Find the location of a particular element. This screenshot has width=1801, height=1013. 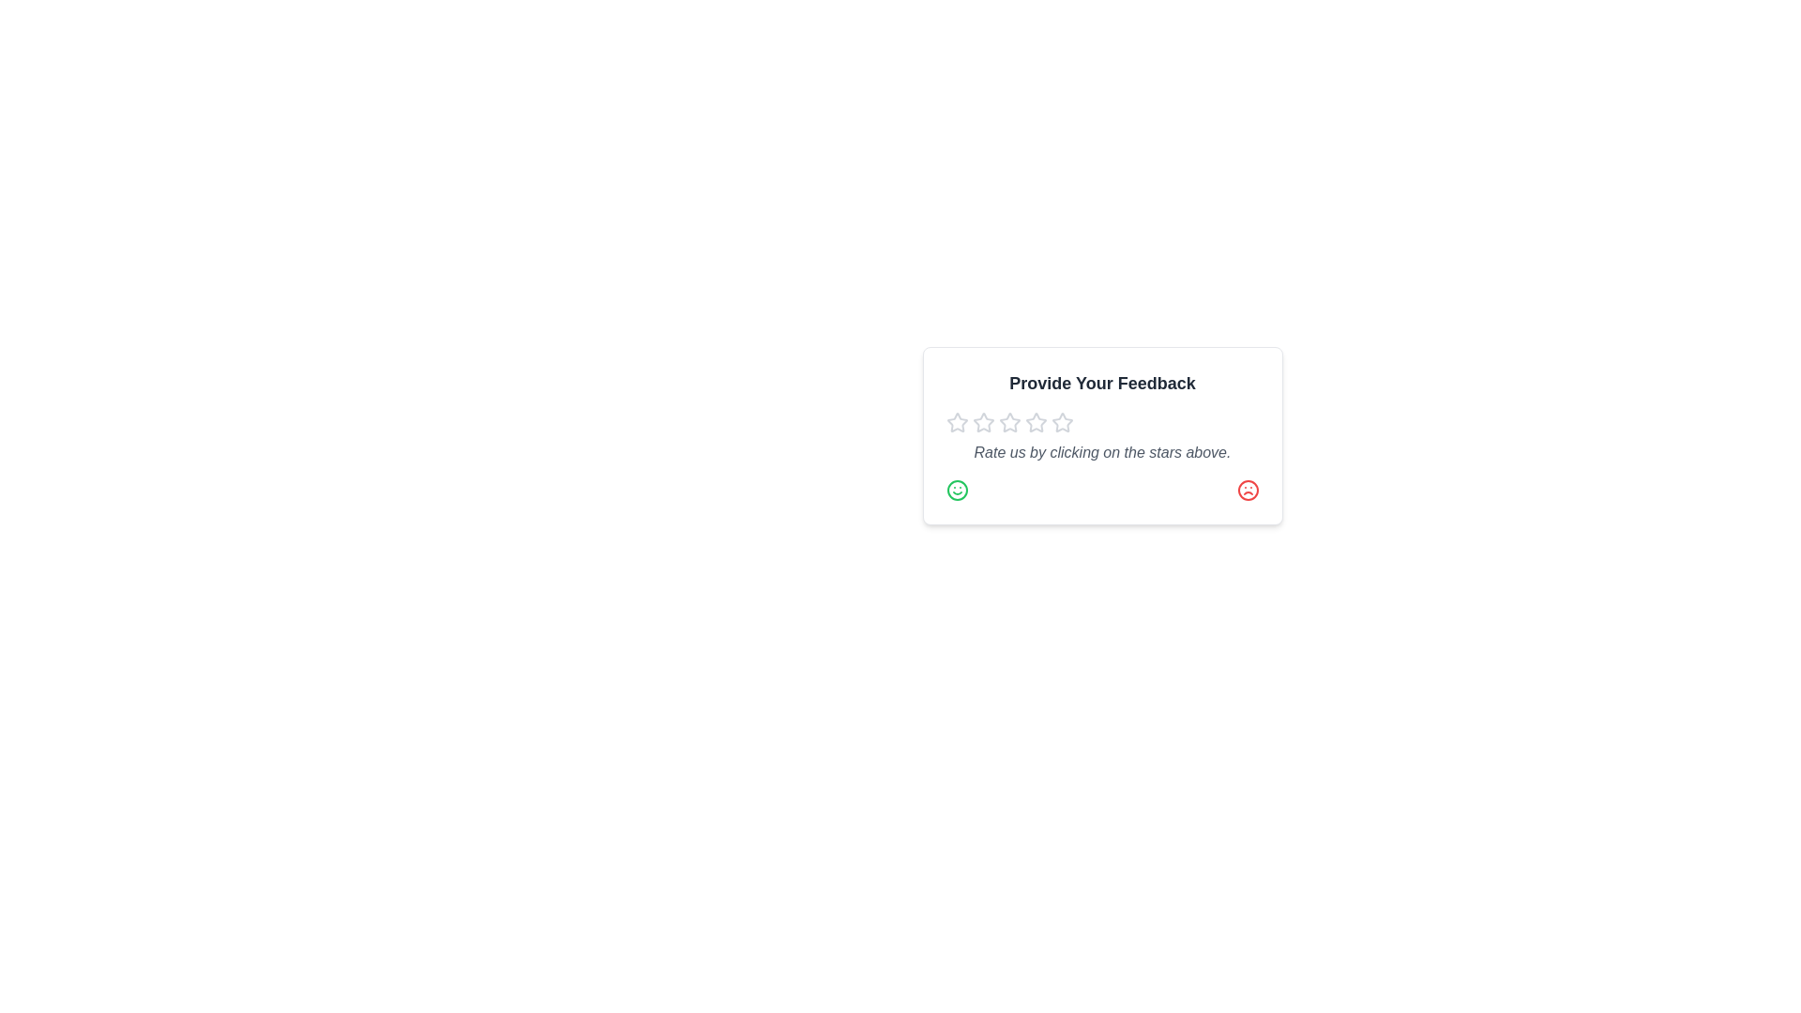

the second star in the five-star rating system to change its color, located below the 'Provide Your Feedback' heading is located at coordinates (982, 423).